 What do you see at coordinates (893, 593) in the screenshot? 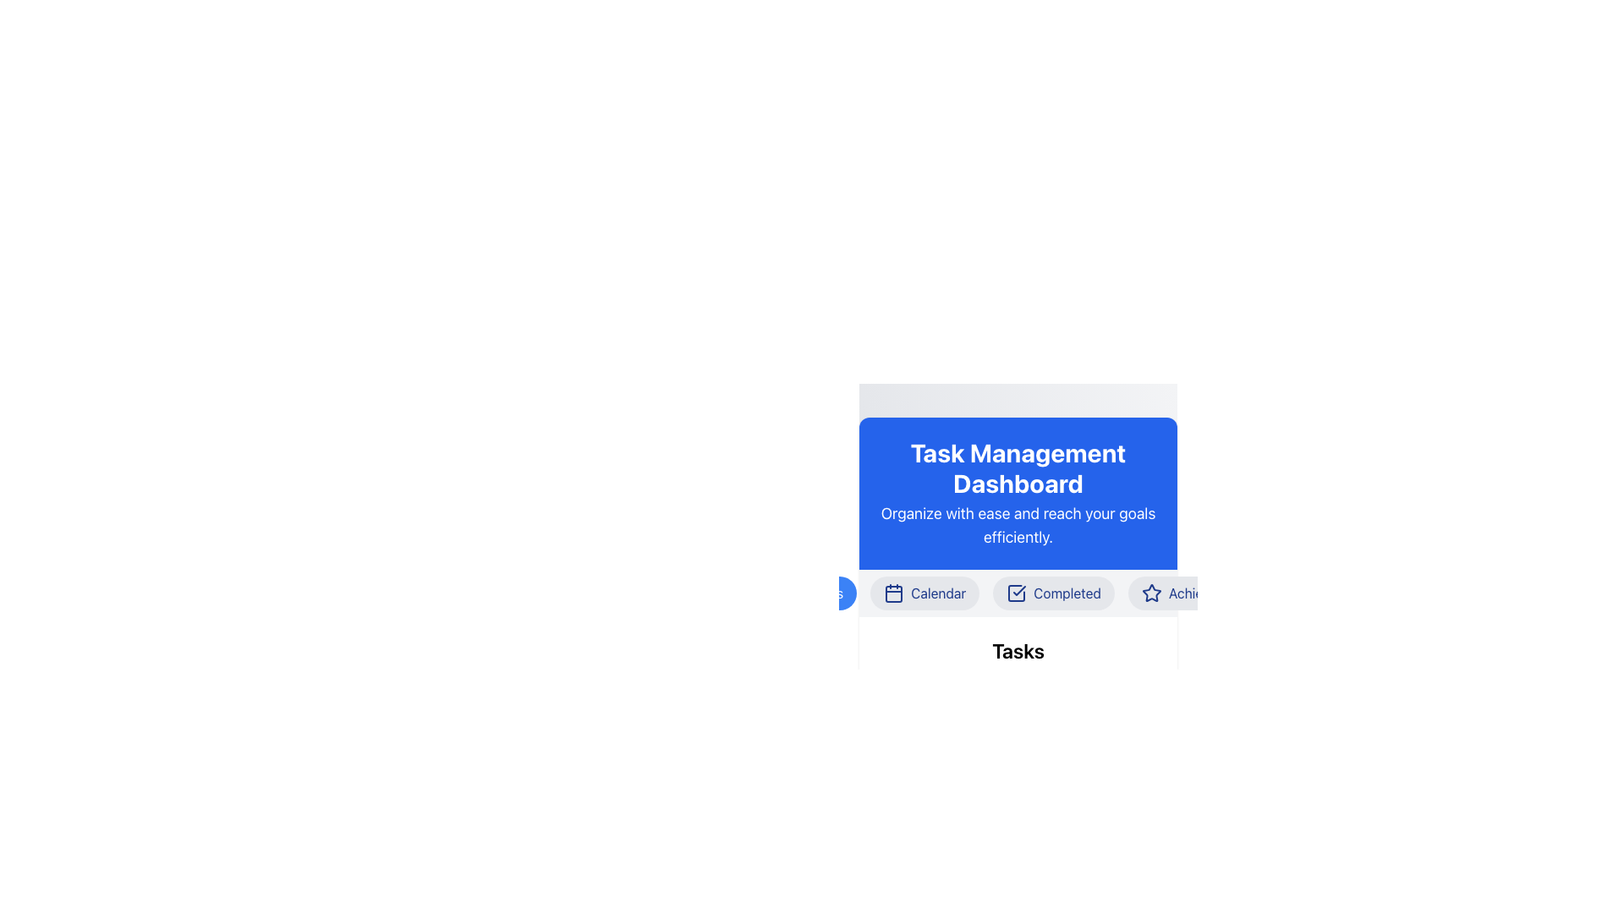
I see `the blue calendar icon, which is the leftmost icon in the horizontal set of buttons beneath the 'Task Management Dashboard' header` at bounding box center [893, 593].